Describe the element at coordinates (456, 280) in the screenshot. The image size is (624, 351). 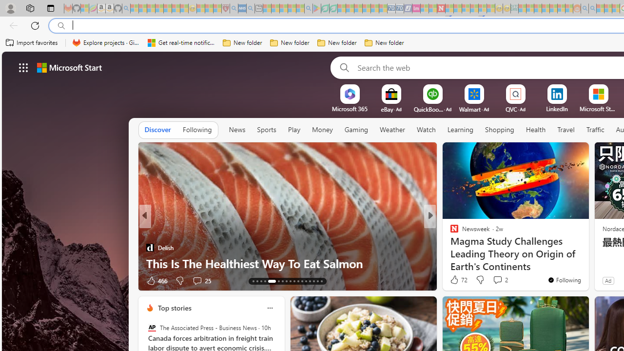
I see `'311 Like'` at that location.